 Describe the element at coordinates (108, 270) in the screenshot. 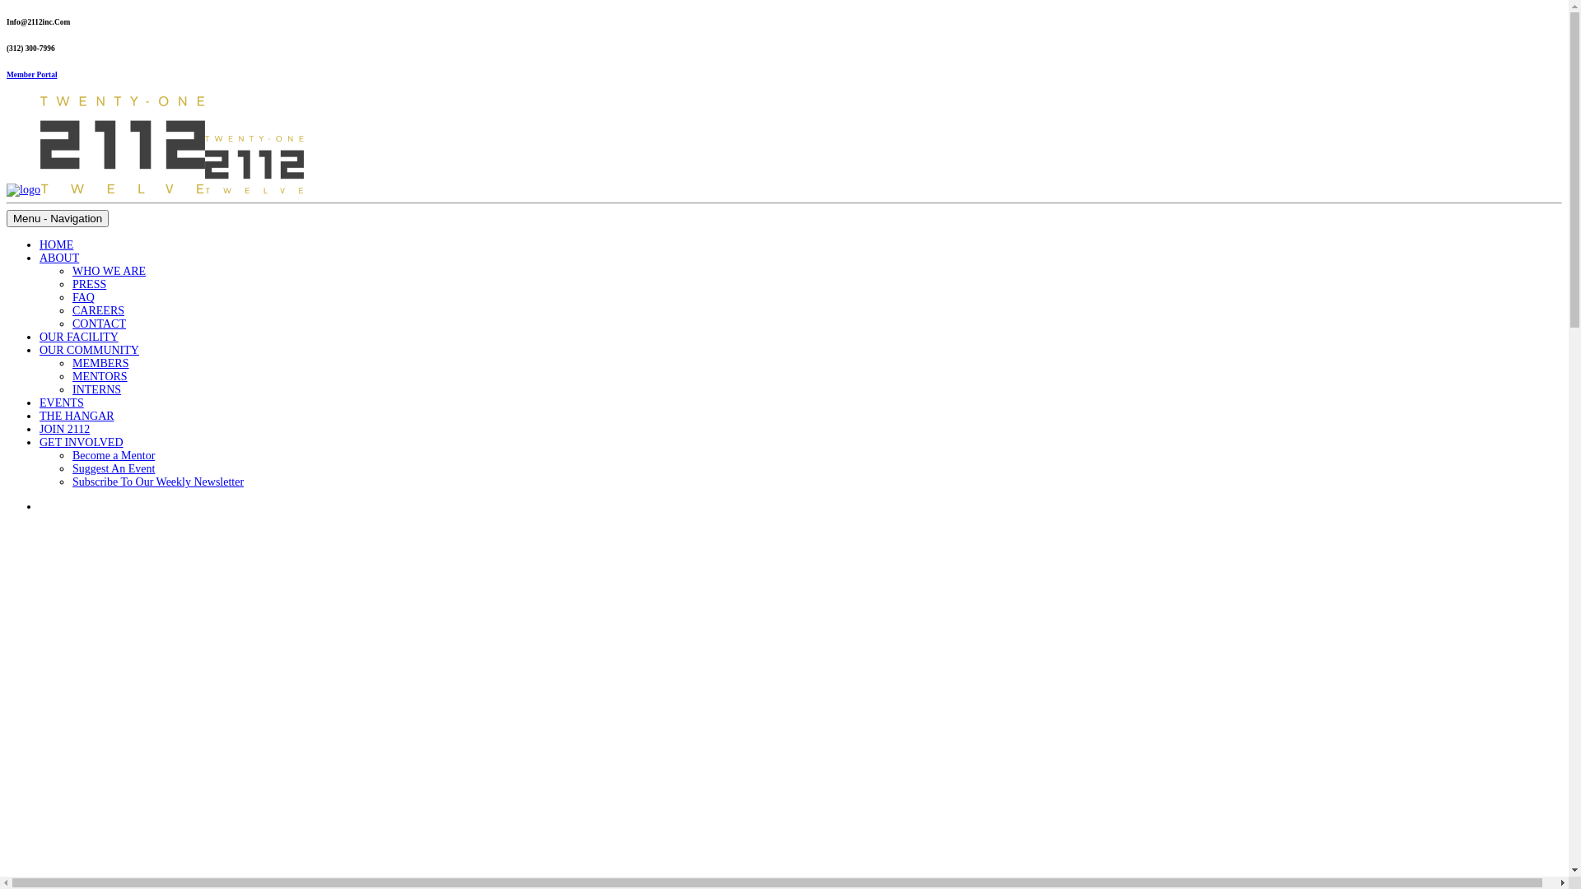

I see `'WHO WE ARE'` at that location.